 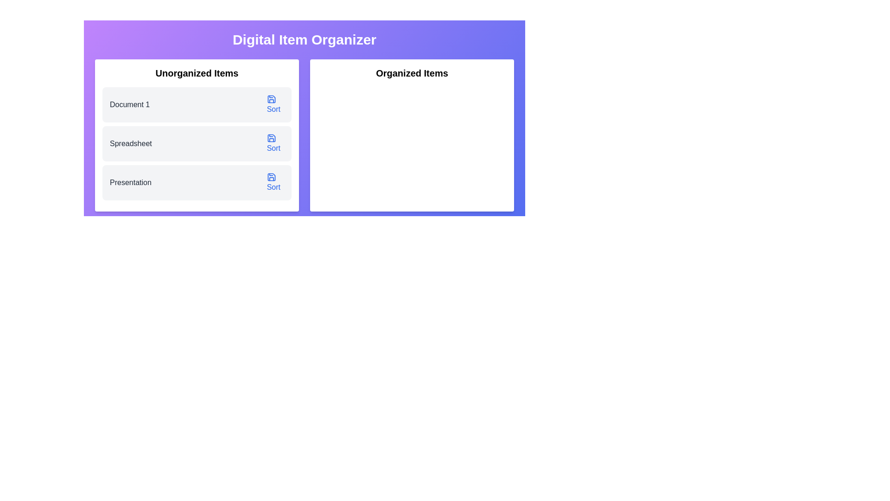 What do you see at coordinates (271, 99) in the screenshot?
I see `the button encompassing the diskette icon representing saving or download functionality, located near the 'Sort' button in the 'Unorganized Items' section` at bounding box center [271, 99].